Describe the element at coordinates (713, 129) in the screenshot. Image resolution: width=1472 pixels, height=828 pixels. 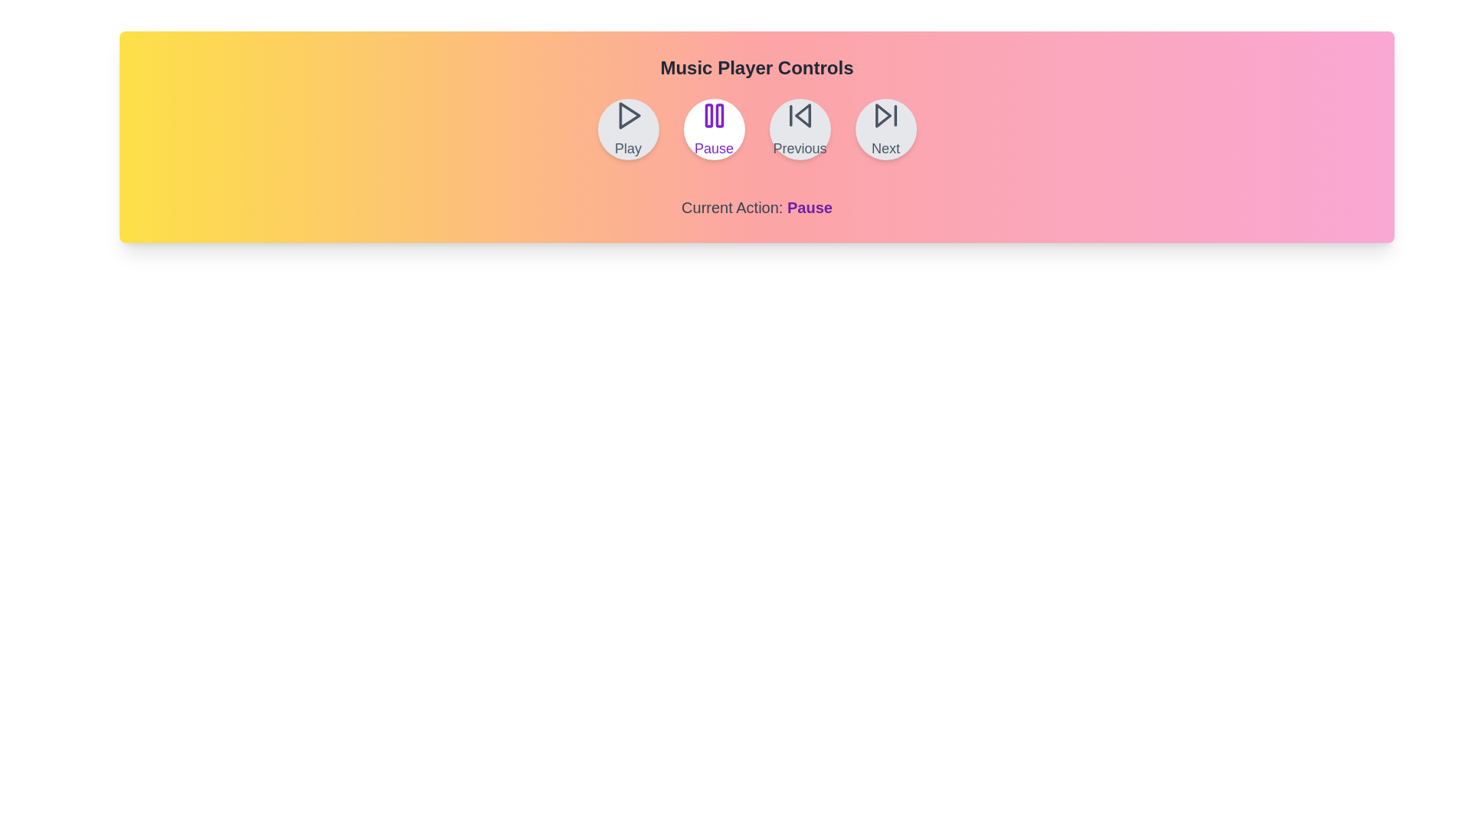
I see `the Pause button to observe its hover effect` at that location.